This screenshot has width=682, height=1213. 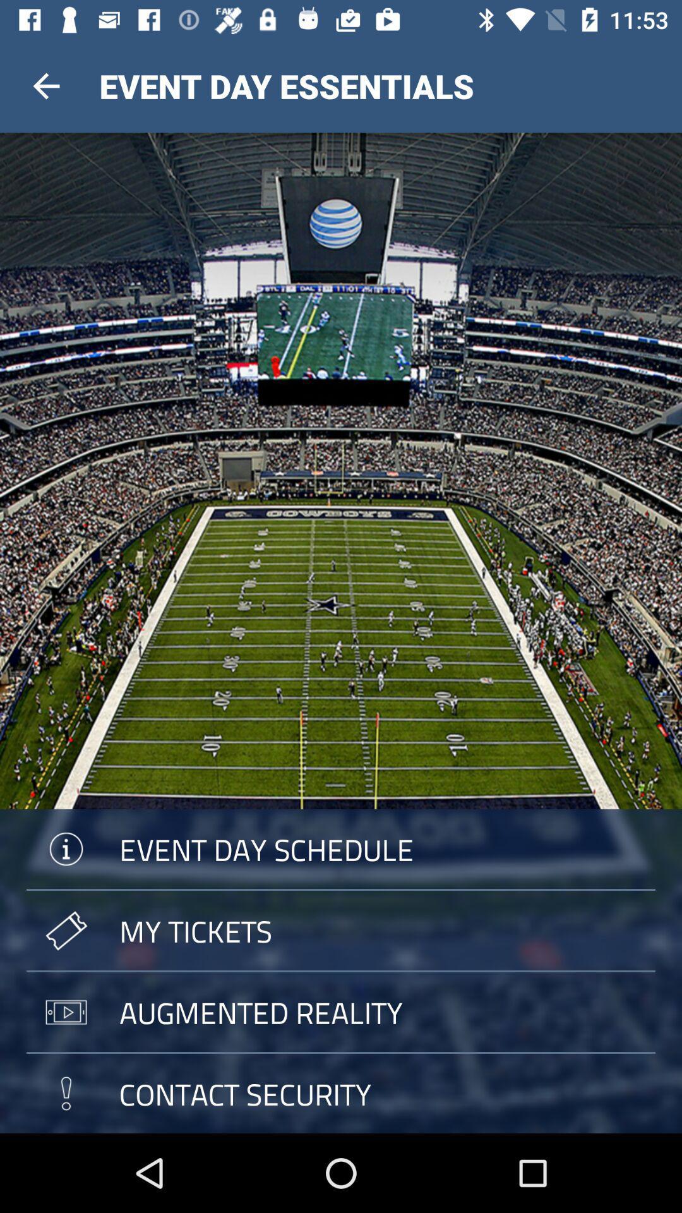 What do you see at coordinates (341, 1093) in the screenshot?
I see `contact security icon` at bounding box center [341, 1093].